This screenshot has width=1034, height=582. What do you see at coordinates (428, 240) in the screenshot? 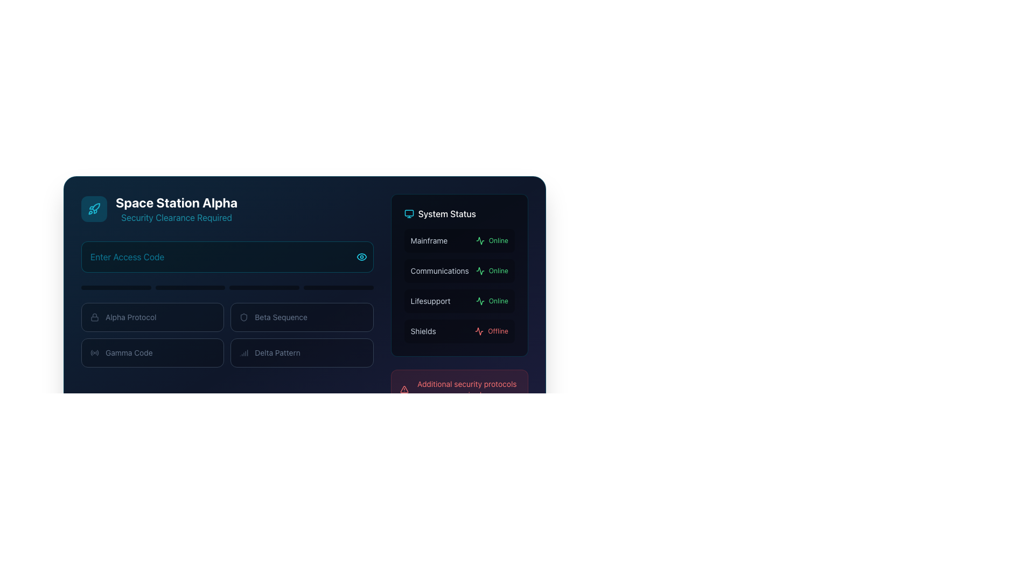
I see `the 'Mainframe' text label, which is a small, muted gray caption aligned at the top-left of the 'System Status' panel` at bounding box center [428, 240].